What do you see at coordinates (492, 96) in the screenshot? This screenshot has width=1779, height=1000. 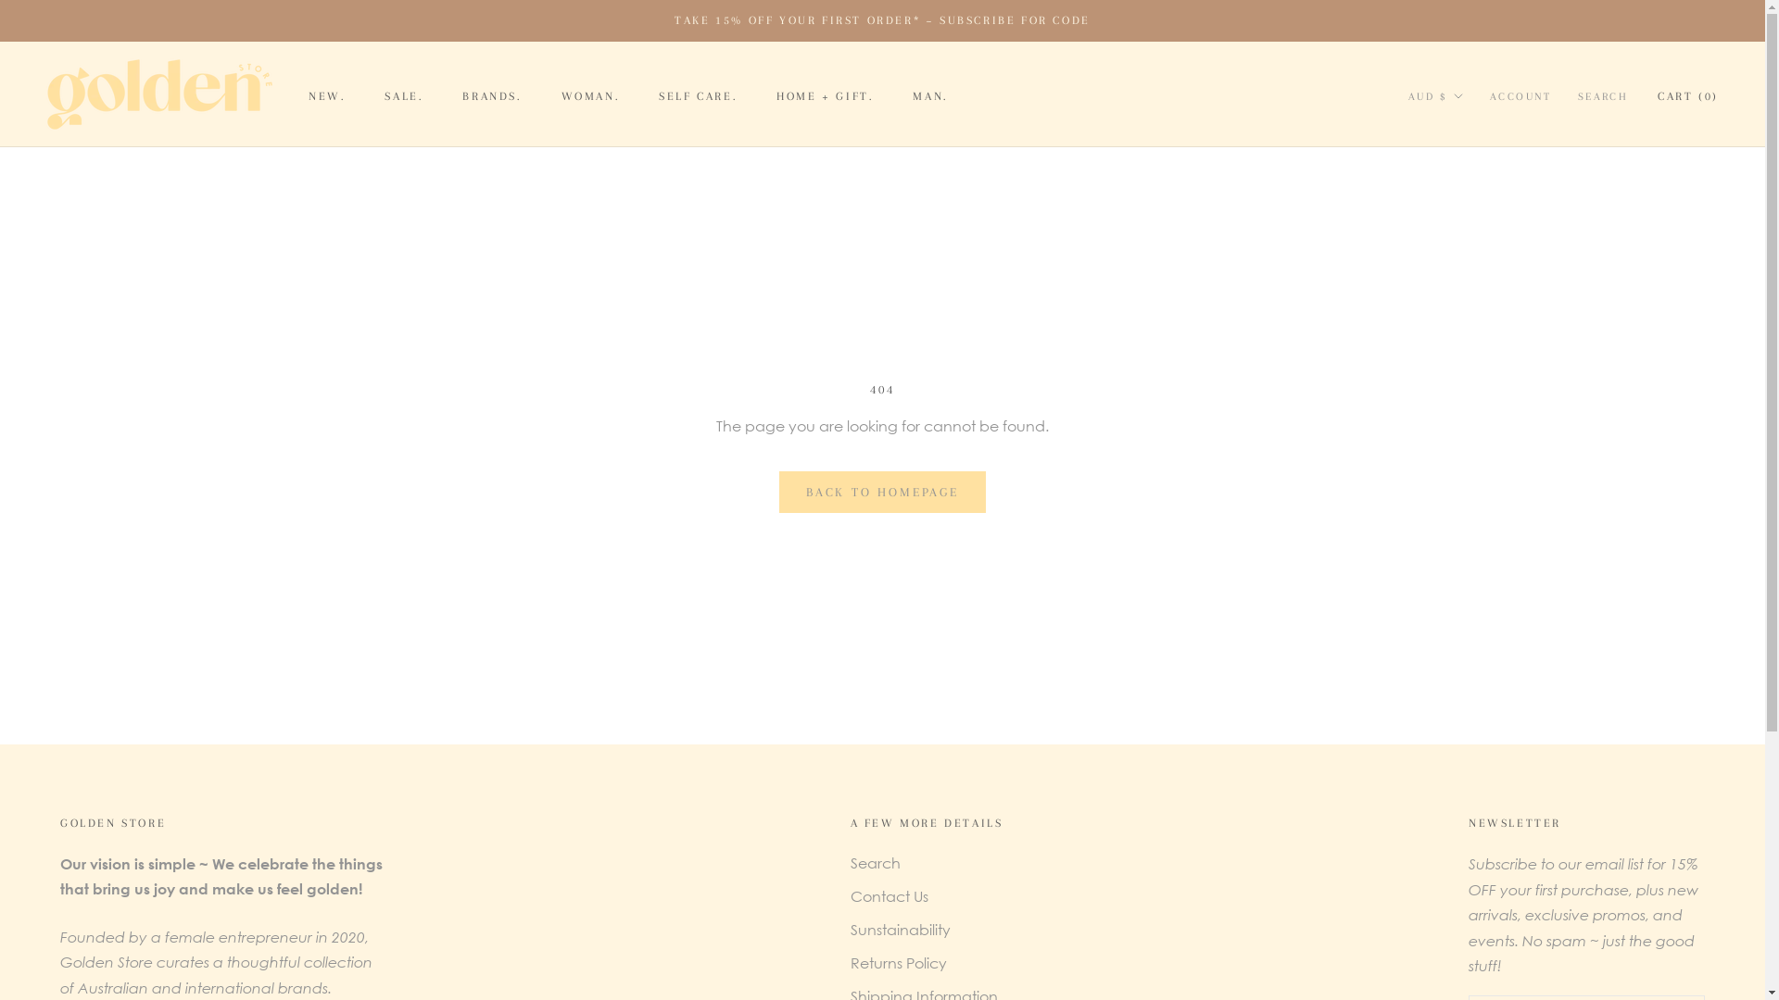 I see `'BRANDS.'` at bounding box center [492, 96].